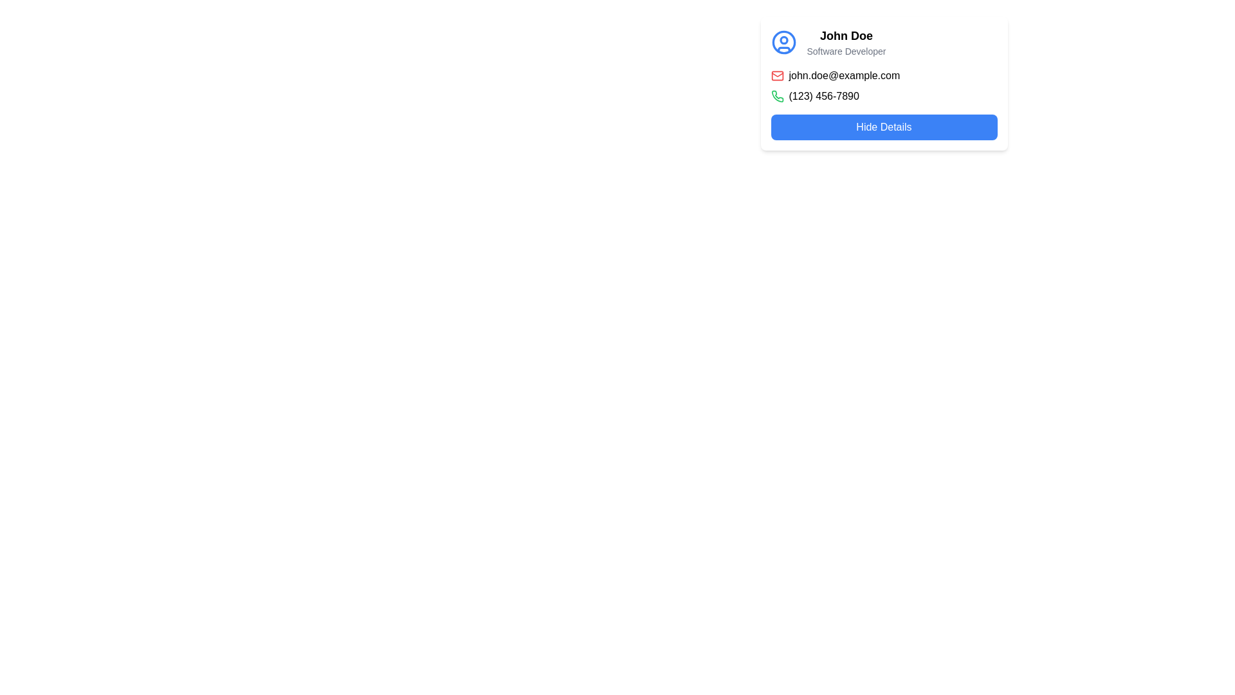  Describe the element at coordinates (783, 41) in the screenshot. I see `the outermost circle of the user icon located at the top-left corner of the profile card, which has a blue outline and white background` at that location.